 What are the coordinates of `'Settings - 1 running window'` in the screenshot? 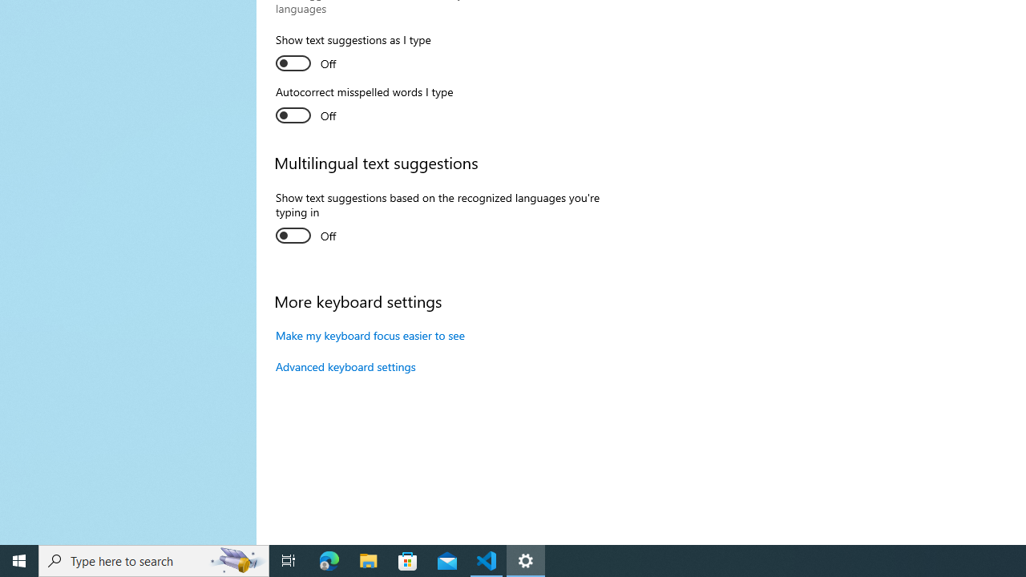 It's located at (526, 559).